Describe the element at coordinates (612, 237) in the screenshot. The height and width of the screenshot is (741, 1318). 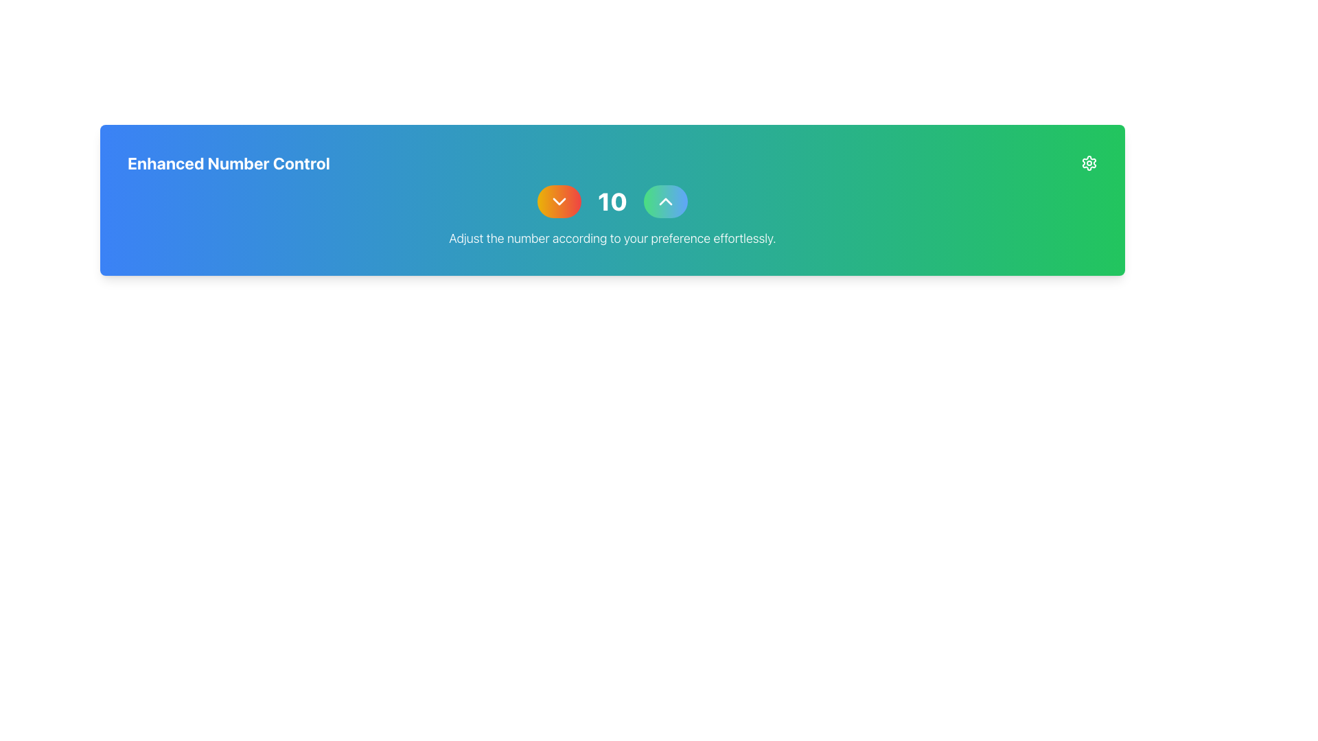
I see `the static text element that reads 'Adjust the number according to your preference effortlessly.' which is centrally located below the numeric display and arrow buttons` at that location.